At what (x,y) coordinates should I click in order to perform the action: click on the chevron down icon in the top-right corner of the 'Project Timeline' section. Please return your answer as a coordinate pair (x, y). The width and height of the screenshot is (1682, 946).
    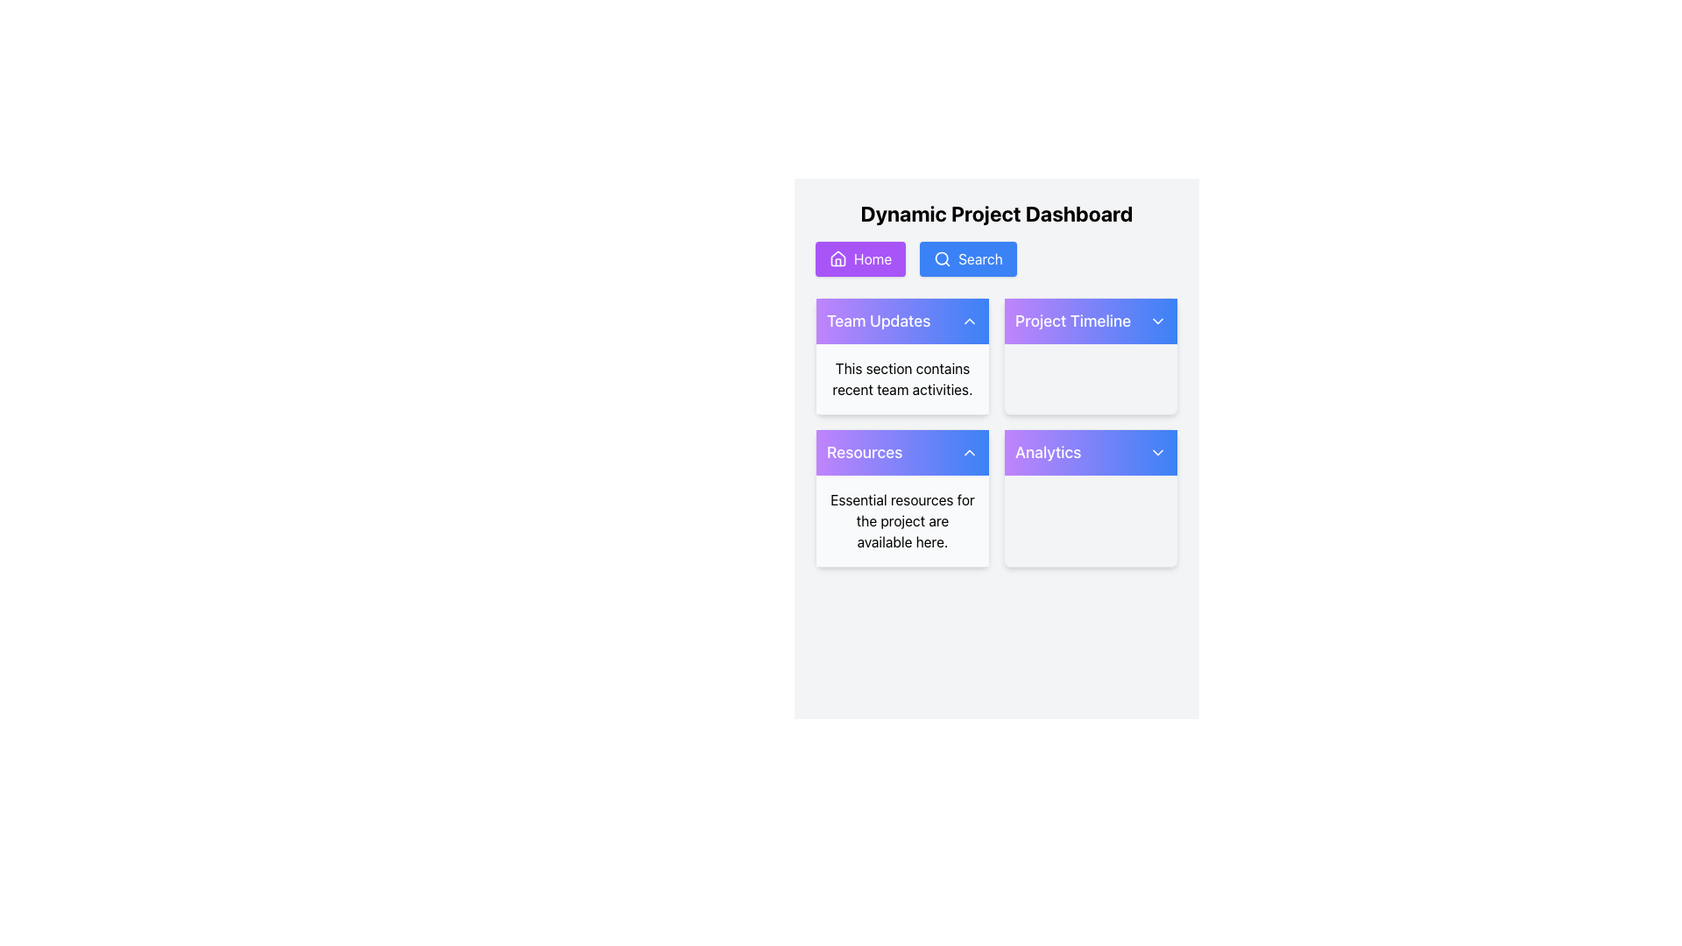
    Looking at the image, I should click on (1157, 321).